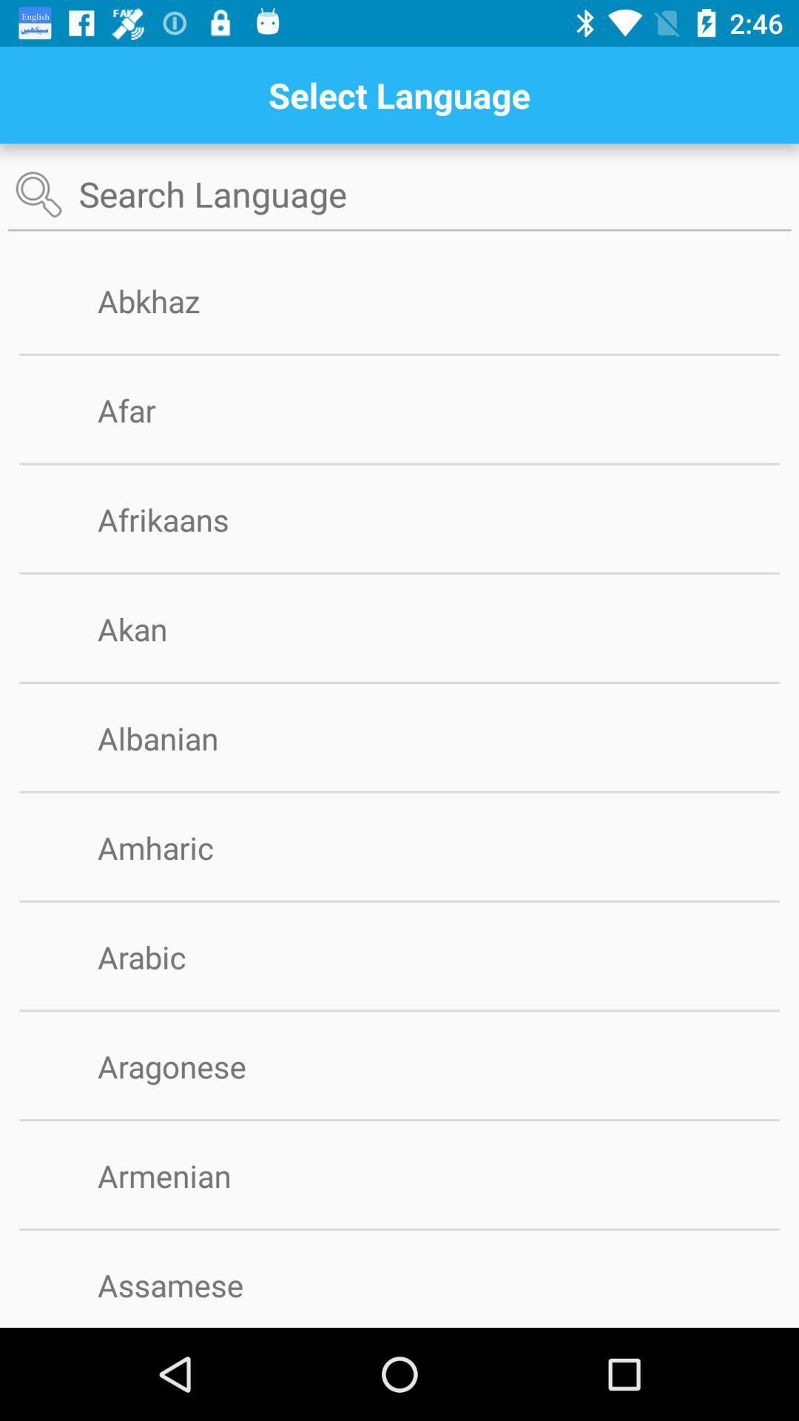 The width and height of the screenshot is (799, 1421). I want to click on icon above the amharic icon, so click(399, 791).